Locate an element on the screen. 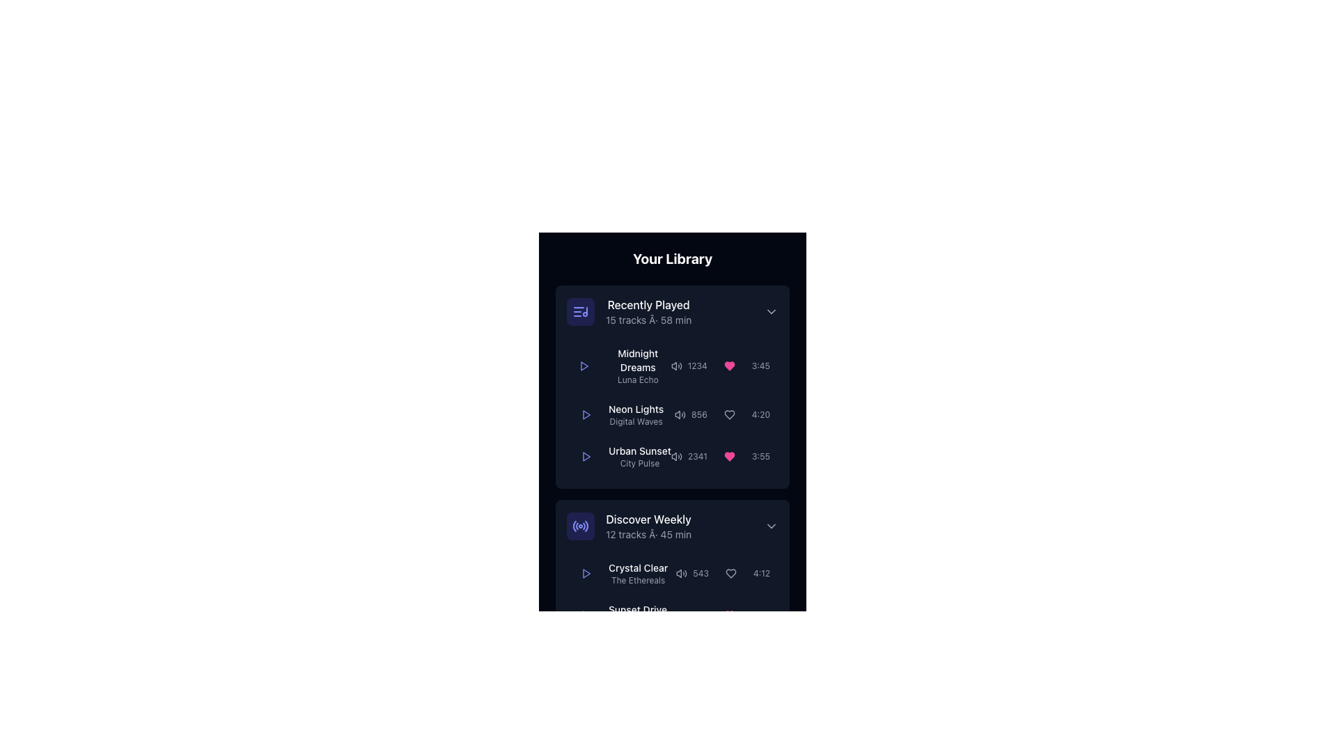 This screenshot has height=752, width=1337. the play button in the 'Discover Weekly' section is located at coordinates (586, 614).